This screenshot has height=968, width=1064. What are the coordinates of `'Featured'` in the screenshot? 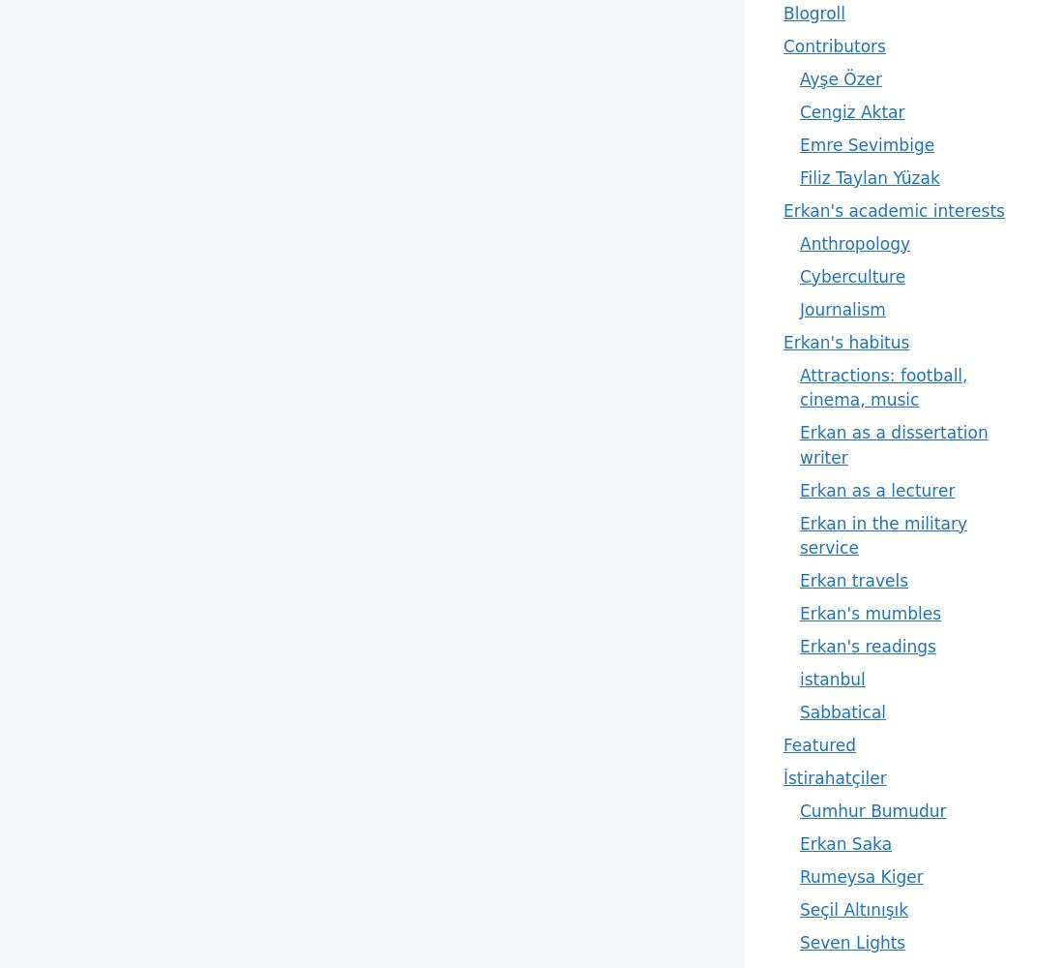 It's located at (818, 745).